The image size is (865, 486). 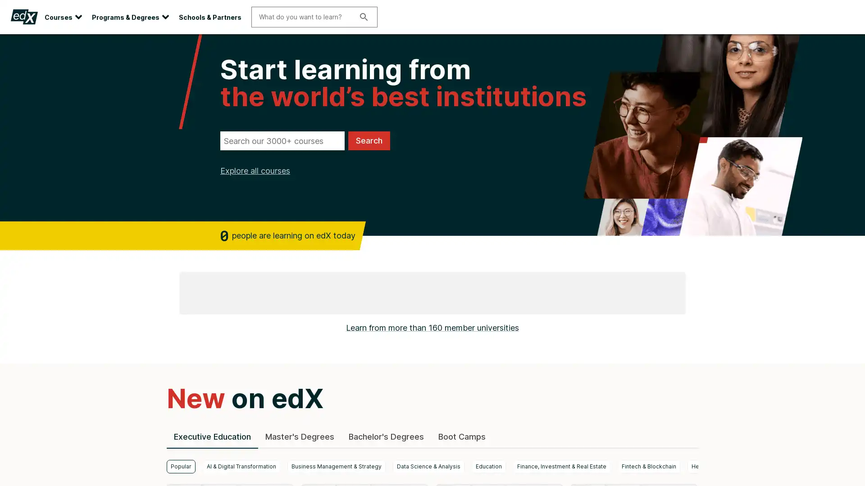 What do you see at coordinates (369, 155) in the screenshot?
I see `Search` at bounding box center [369, 155].